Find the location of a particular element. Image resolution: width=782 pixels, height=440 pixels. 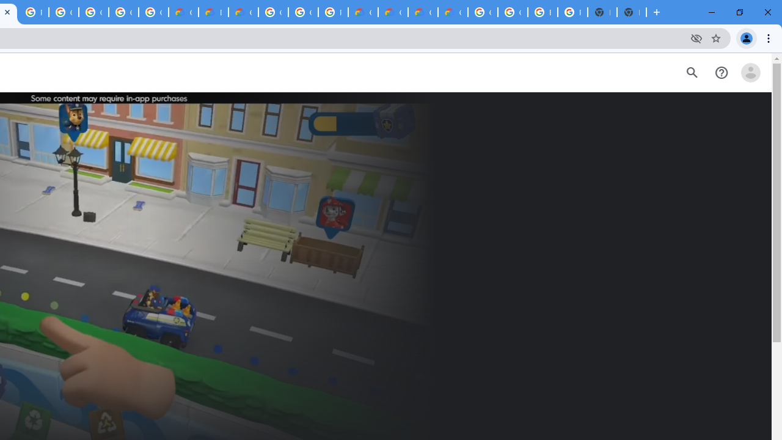

'Gemini for Business and Developers | Google Cloud' is located at coordinates (243, 12).